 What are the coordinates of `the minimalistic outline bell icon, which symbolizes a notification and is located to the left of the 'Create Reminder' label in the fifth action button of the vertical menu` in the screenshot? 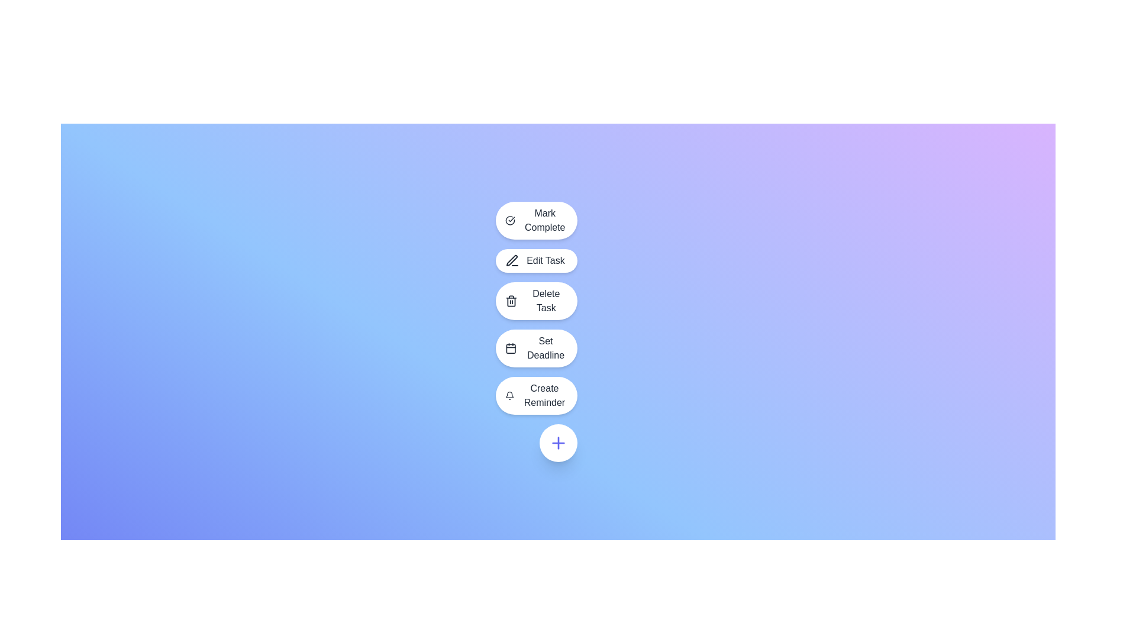 It's located at (509, 395).